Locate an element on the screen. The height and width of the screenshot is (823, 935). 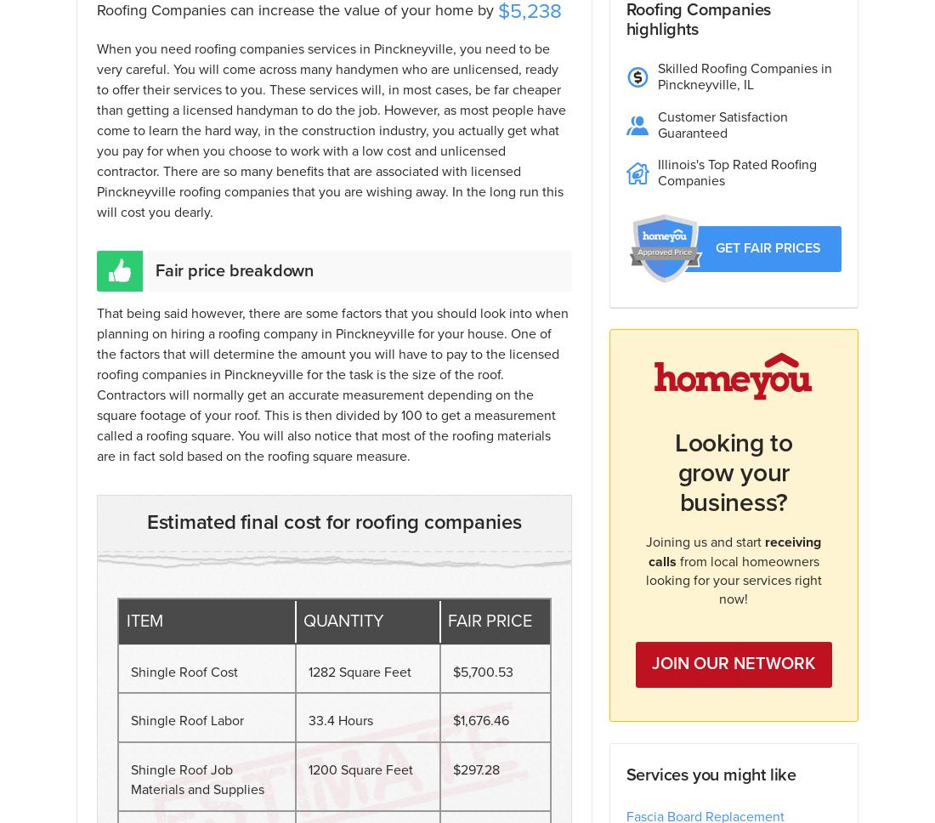
'Get fair prices' is located at coordinates (767, 246).